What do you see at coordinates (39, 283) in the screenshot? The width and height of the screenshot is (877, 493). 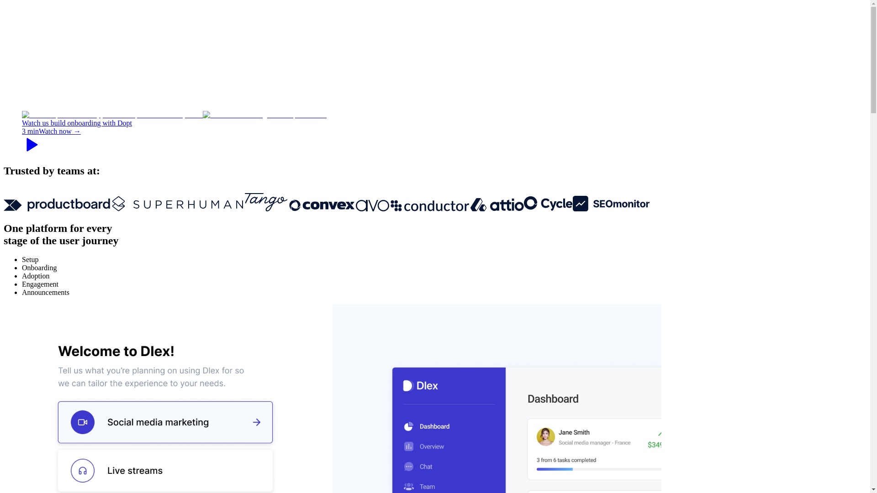 I see `'Engagement'` at bounding box center [39, 283].